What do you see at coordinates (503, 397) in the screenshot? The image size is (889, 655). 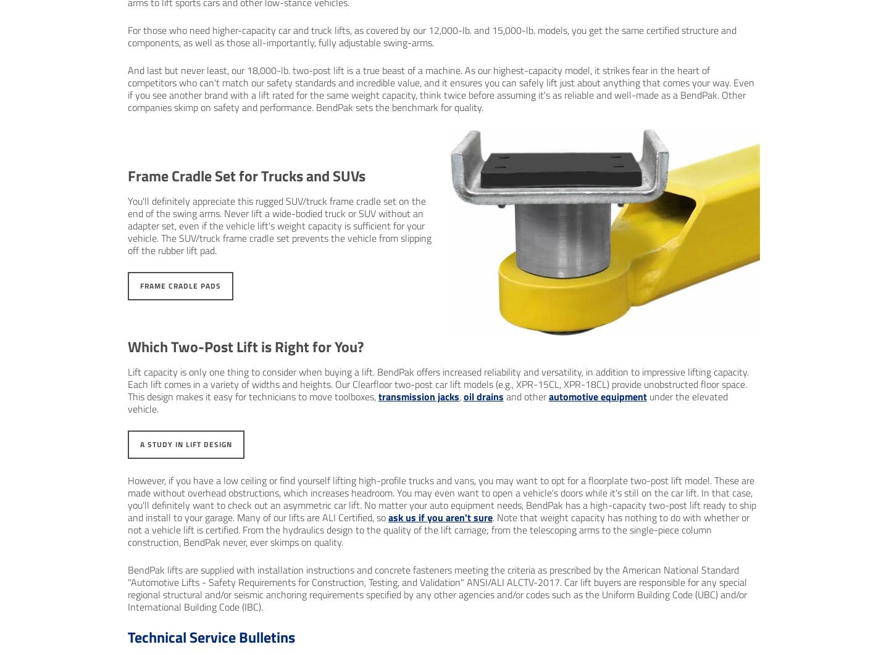 I see `'and other'` at bounding box center [503, 397].